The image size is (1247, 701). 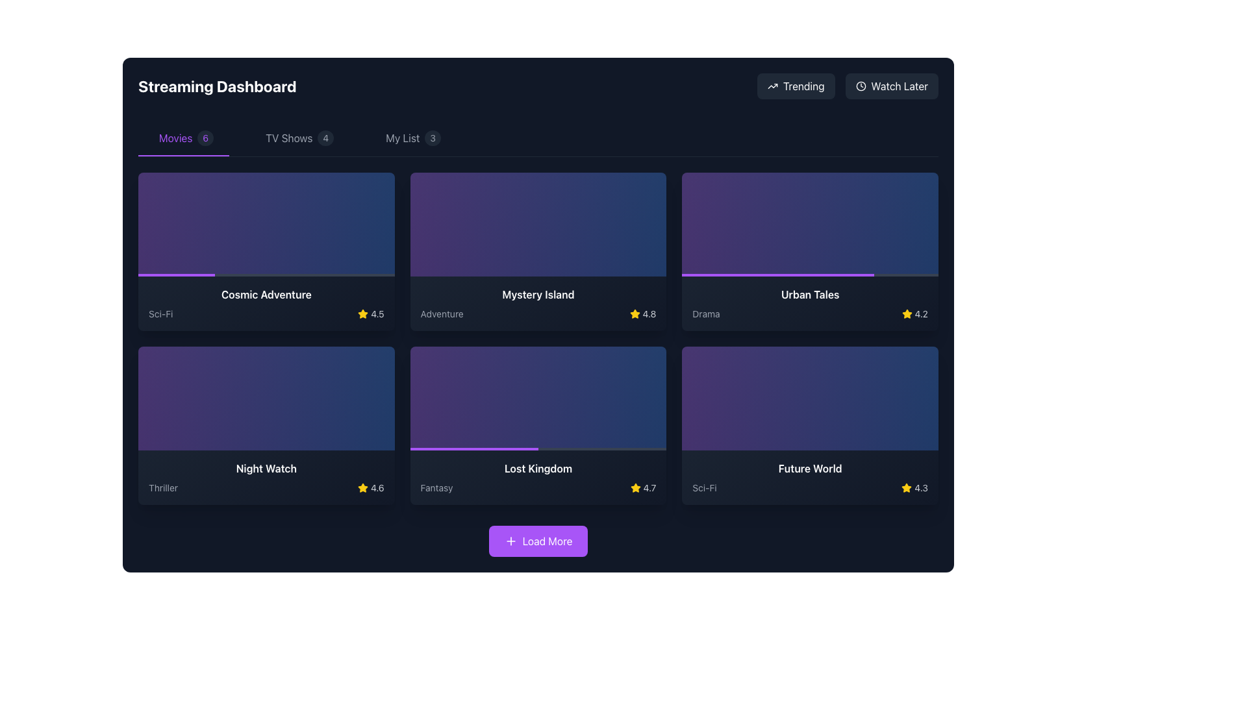 I want to click on the text display showing the number '4.8' in gray color, located in the second row of the 'Mystery Island' movie card, to the right of the yellow star icon, so click(x=649, y=314).